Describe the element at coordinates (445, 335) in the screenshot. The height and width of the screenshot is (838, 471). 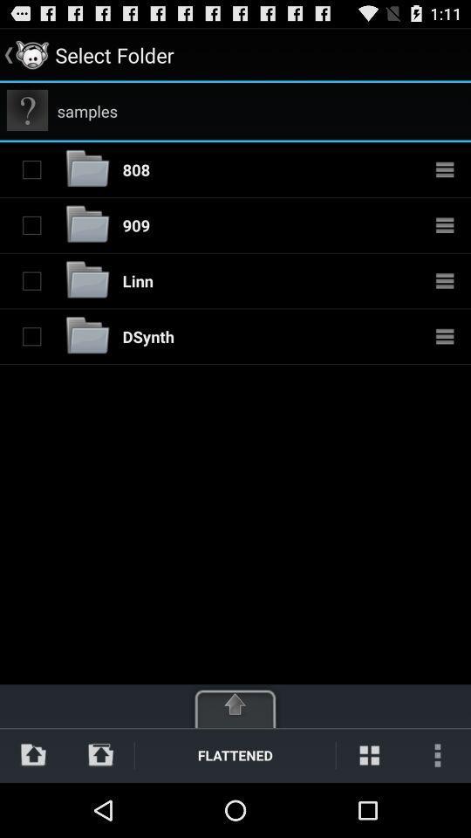
I see `more options` at that location.